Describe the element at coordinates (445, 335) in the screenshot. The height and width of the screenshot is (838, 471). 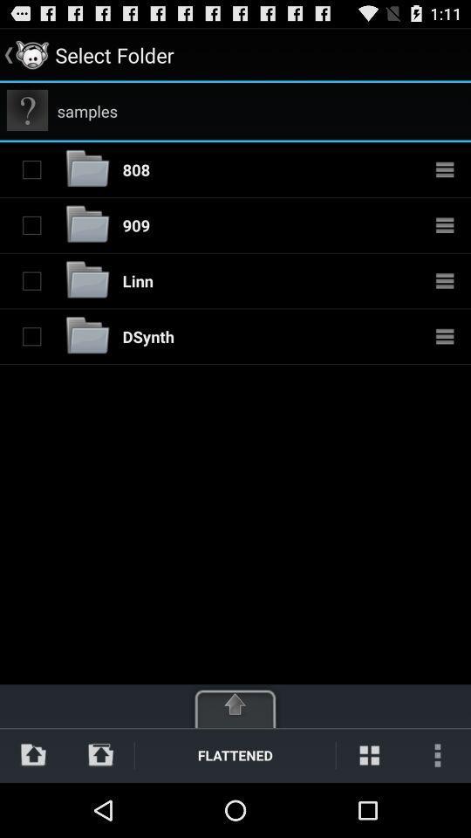
I see `more options` at that location.